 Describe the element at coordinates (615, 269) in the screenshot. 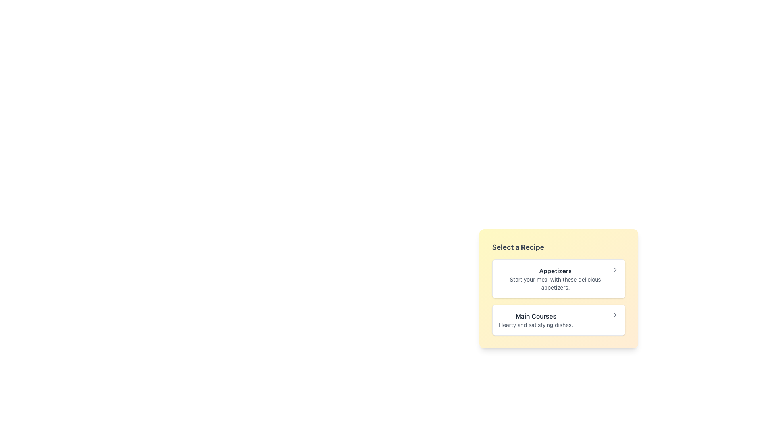

I see `the minimalistic right-pointing chevron icon located in the 'Appetizers' menu option` at that location.